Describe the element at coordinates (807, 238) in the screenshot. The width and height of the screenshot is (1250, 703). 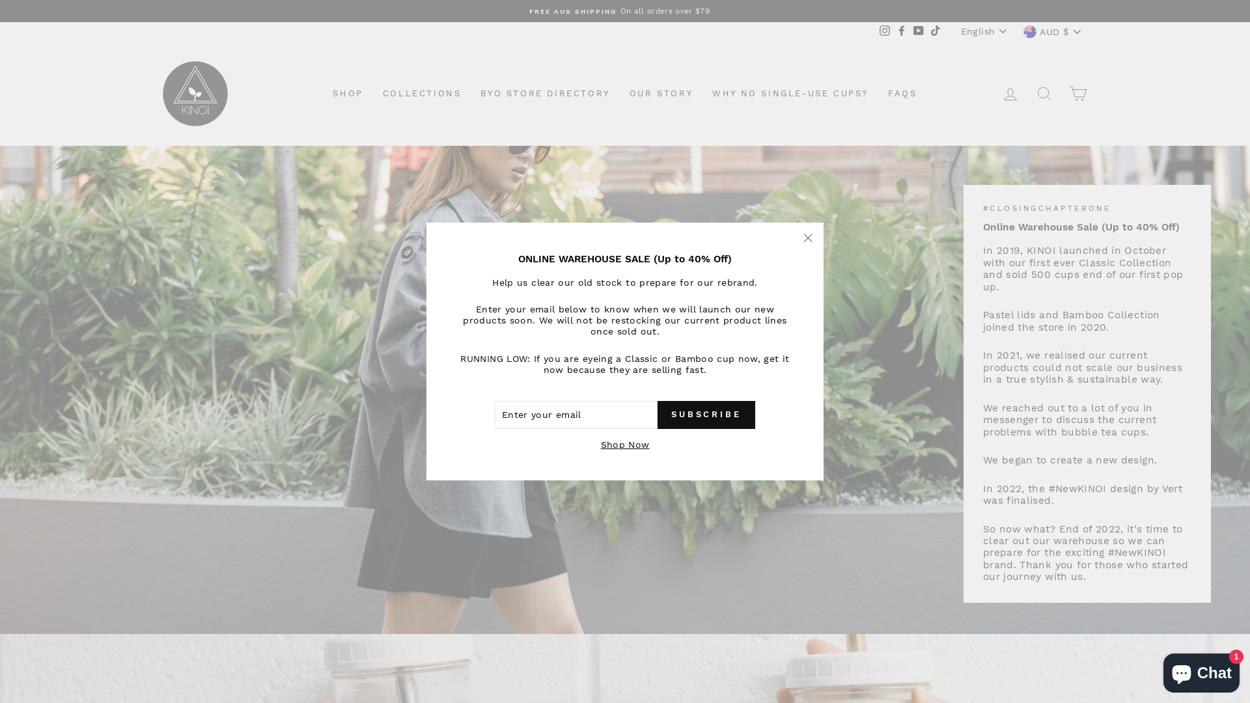
I see `'"Close (esc)"'` at that location.